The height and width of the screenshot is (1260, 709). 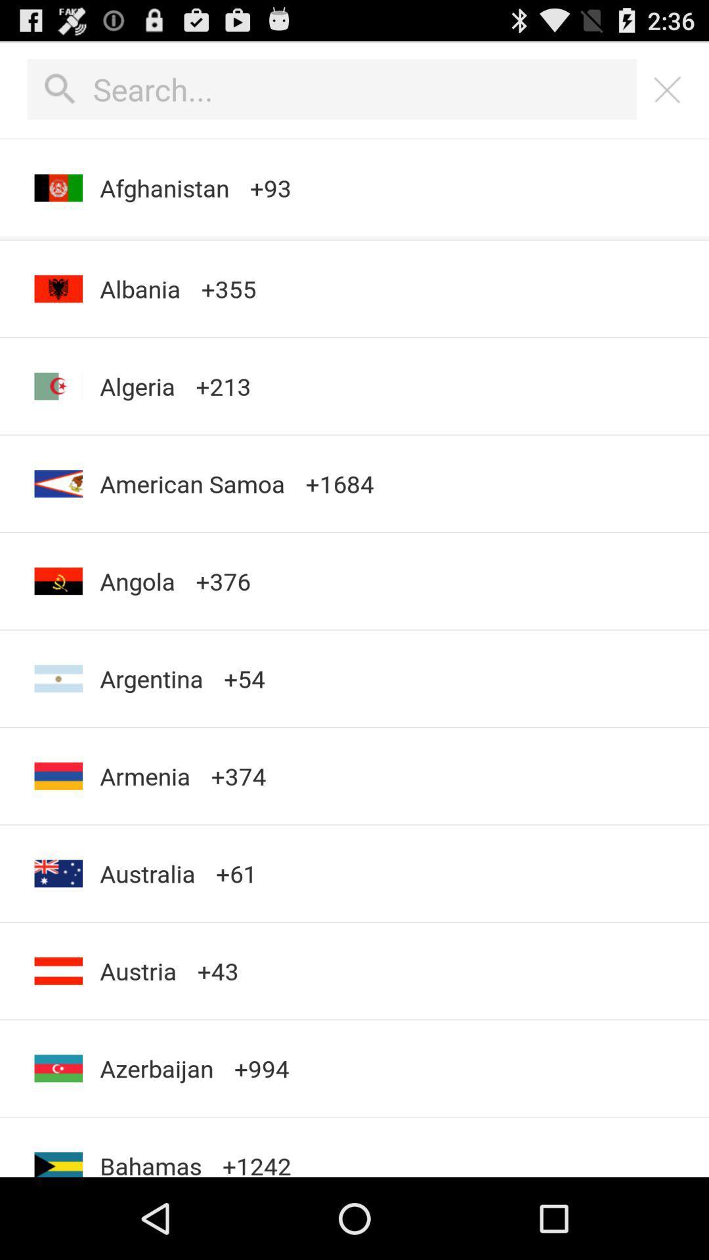 I want to click on item below the albania icon, so click(x=137, y=385).